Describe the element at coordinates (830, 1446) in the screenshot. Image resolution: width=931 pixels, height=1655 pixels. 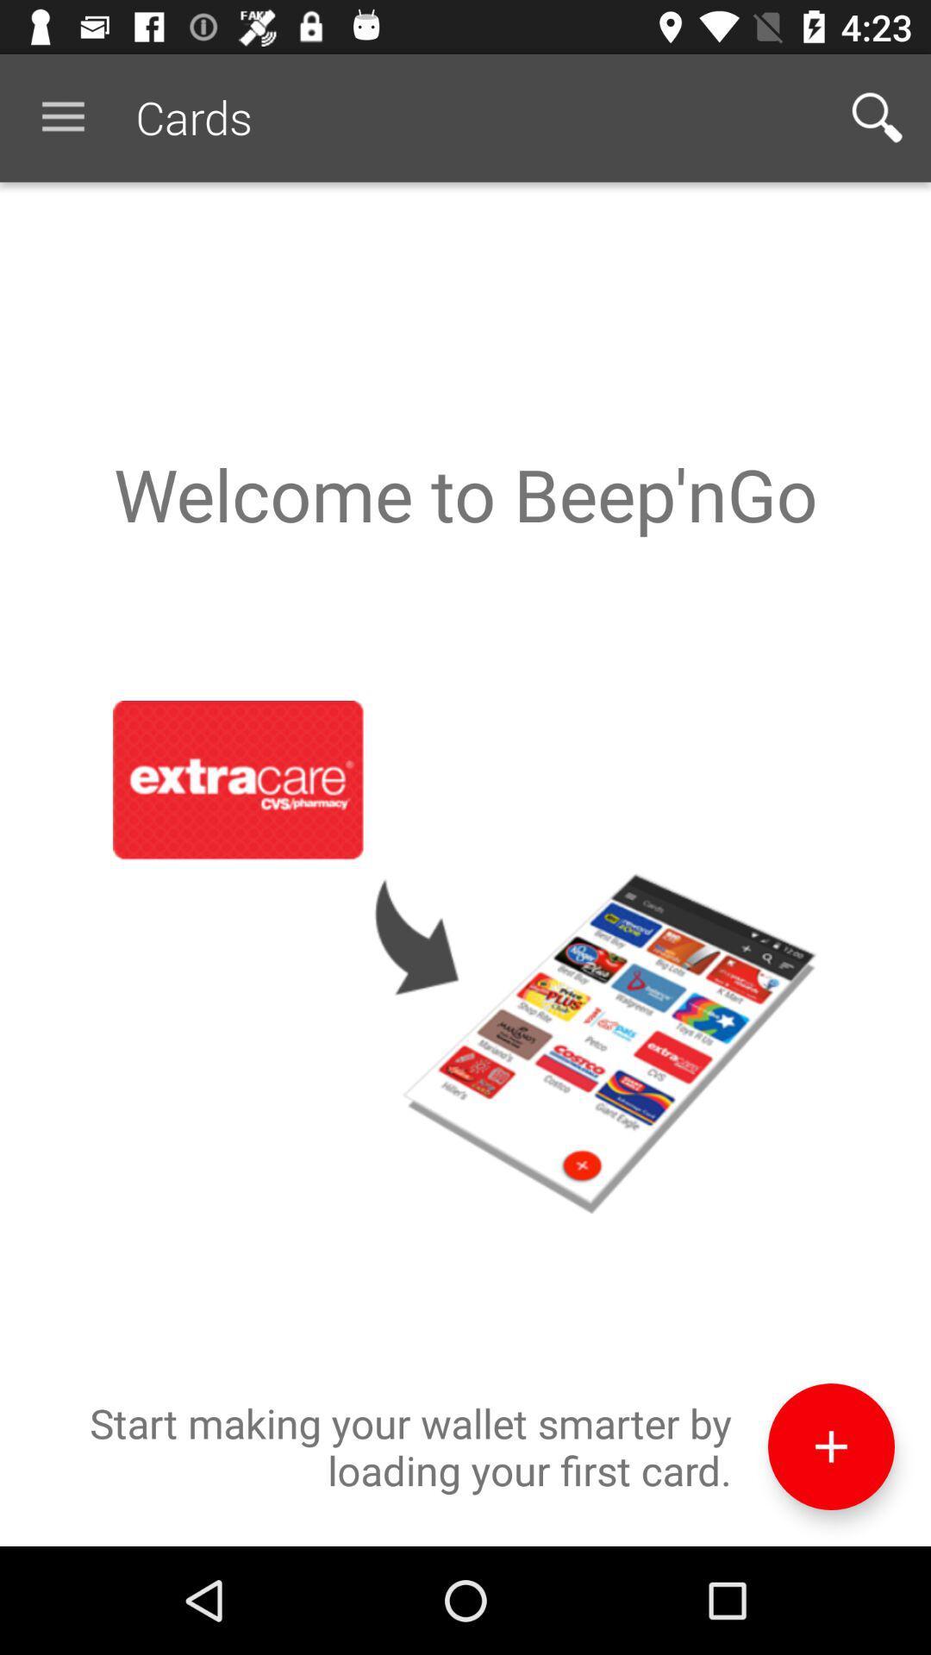
I see `icon to the right of start making your icon` at that location.